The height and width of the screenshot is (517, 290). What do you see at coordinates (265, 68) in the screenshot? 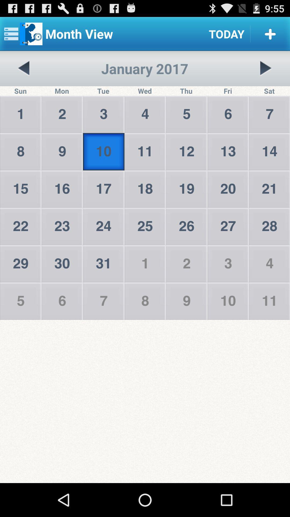
I see `icon above the fri icon` at bounding box center [265, 68].